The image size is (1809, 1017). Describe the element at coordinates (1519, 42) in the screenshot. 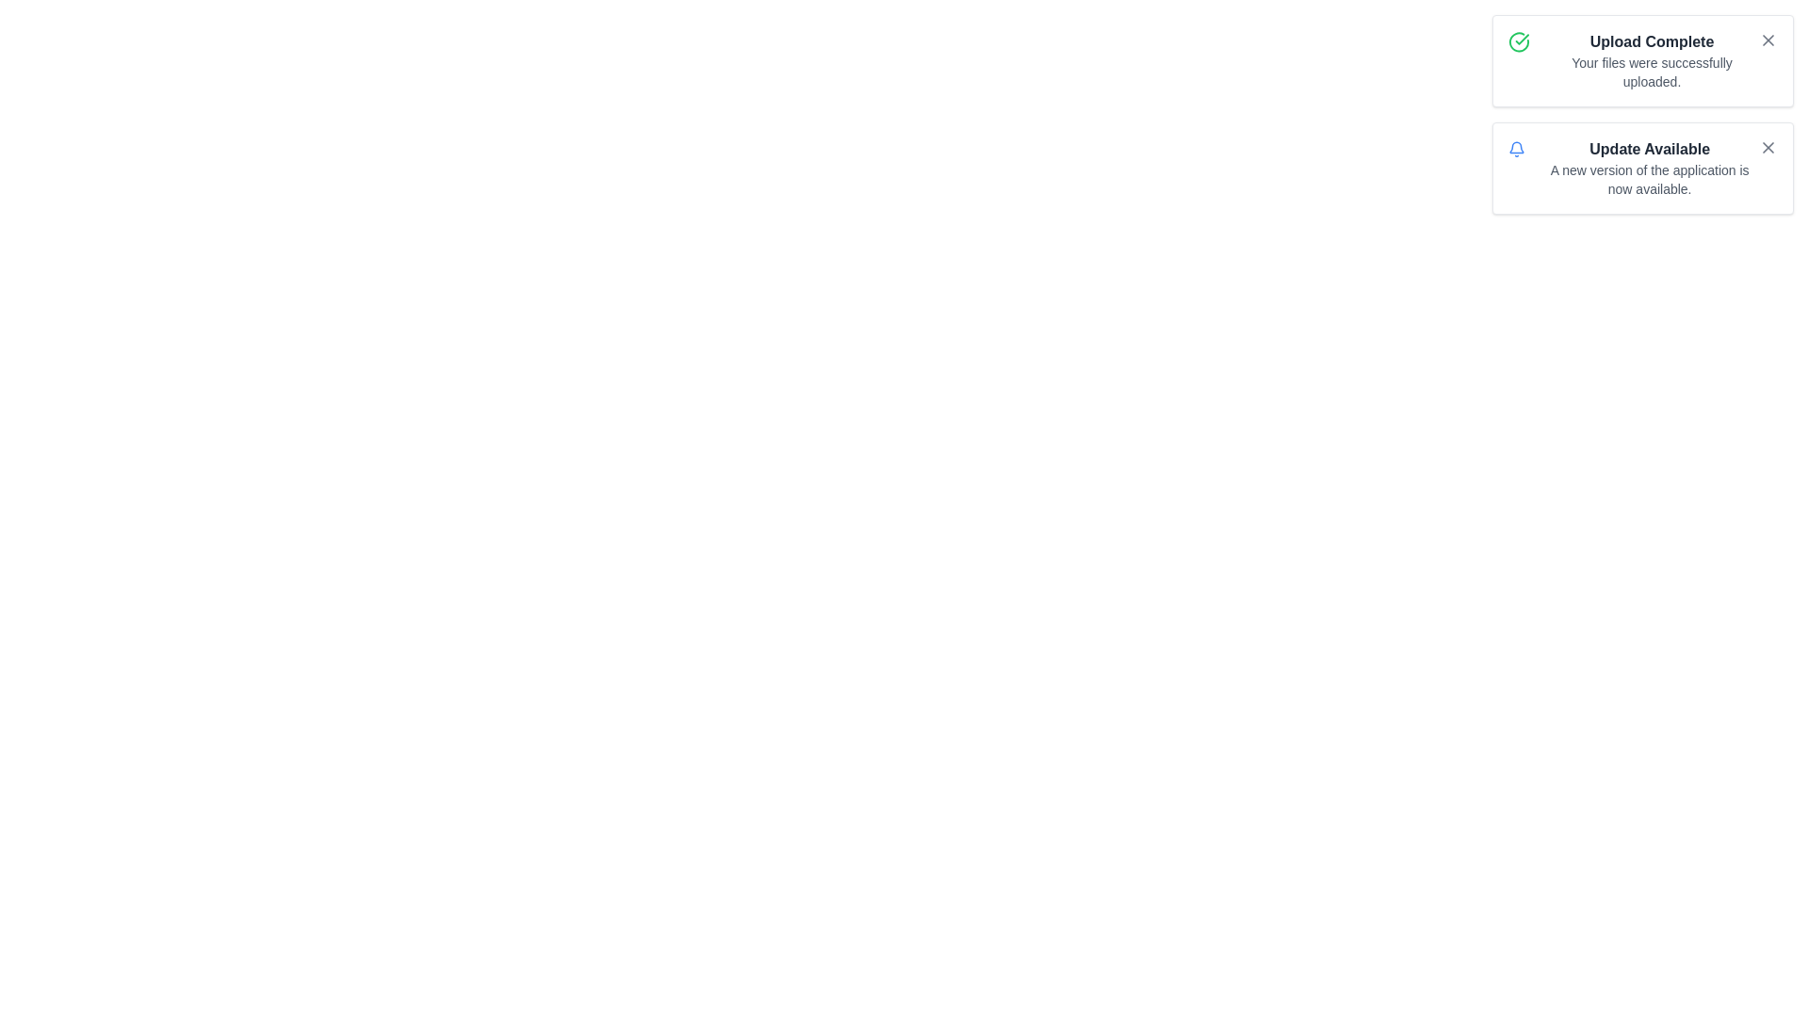

I see `the visual confirmation indicator icon located at the top-left corner of the 'Upload Complete' notification box, adjacent to the title text` at that location.